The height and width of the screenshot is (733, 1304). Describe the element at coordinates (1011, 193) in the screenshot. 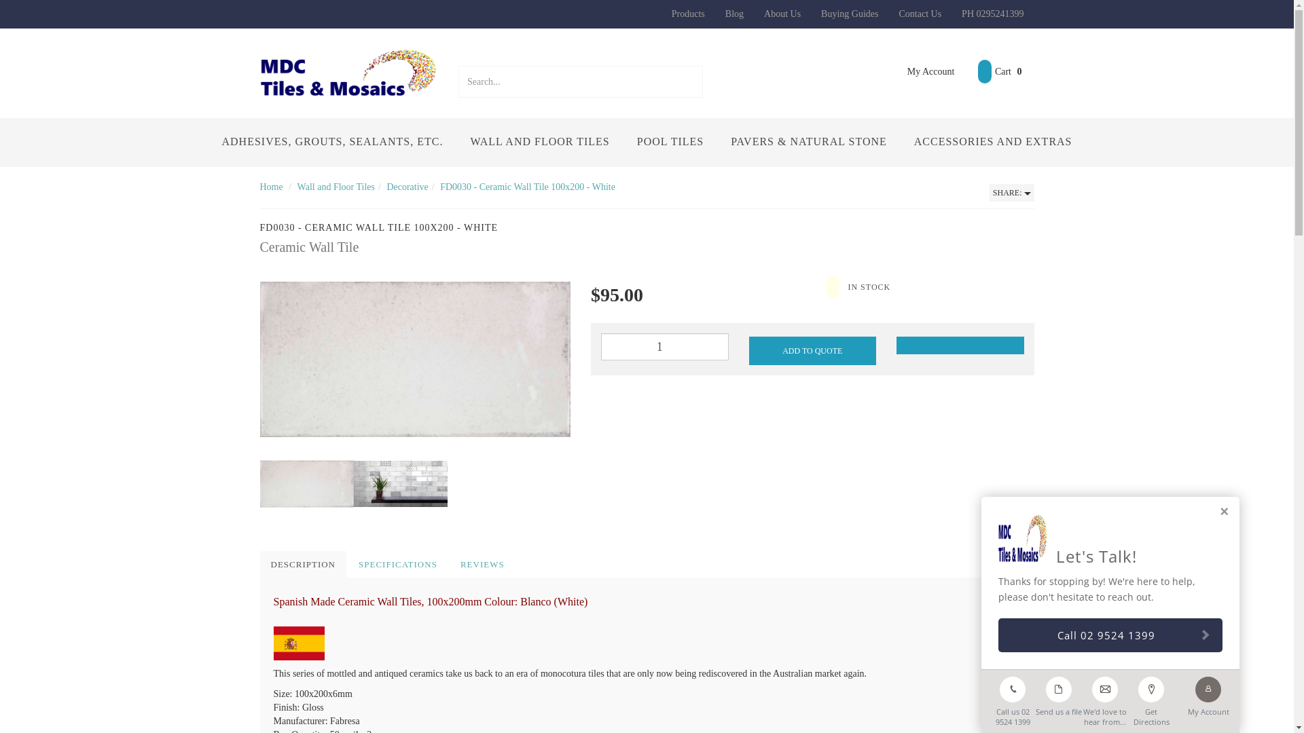

I see `'SHARE:'` at that location.